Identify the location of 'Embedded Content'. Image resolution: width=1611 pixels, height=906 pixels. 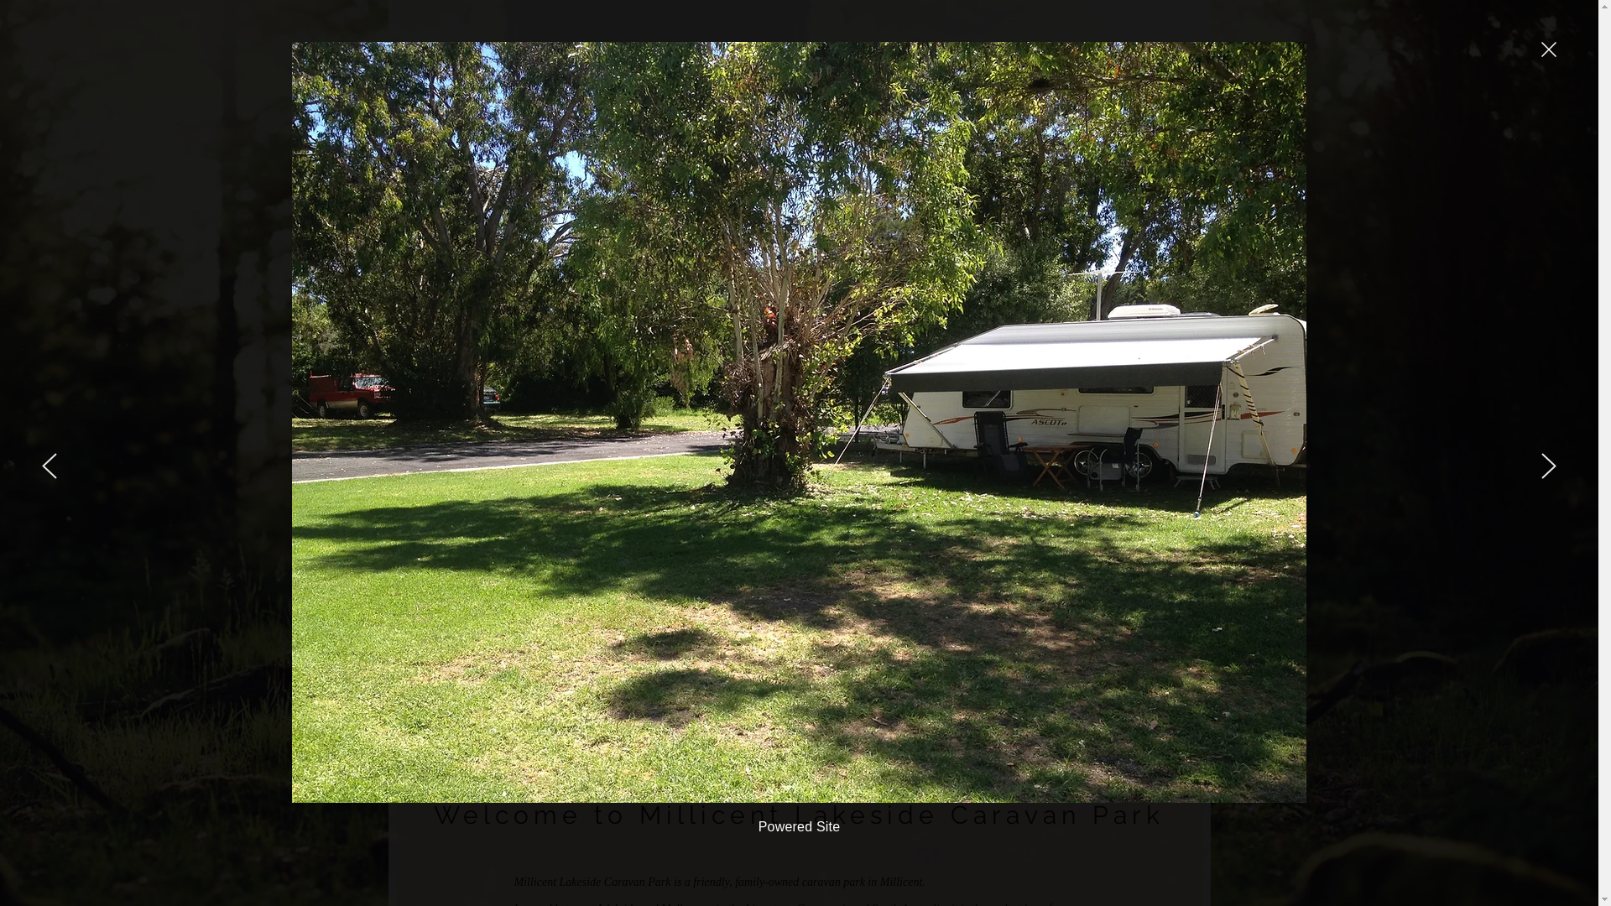
(628, 118).